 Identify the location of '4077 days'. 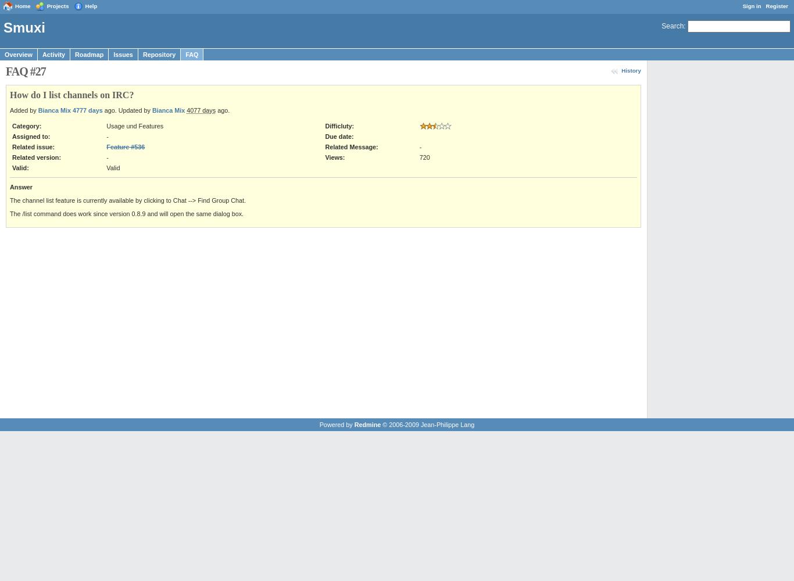
(201, 110).